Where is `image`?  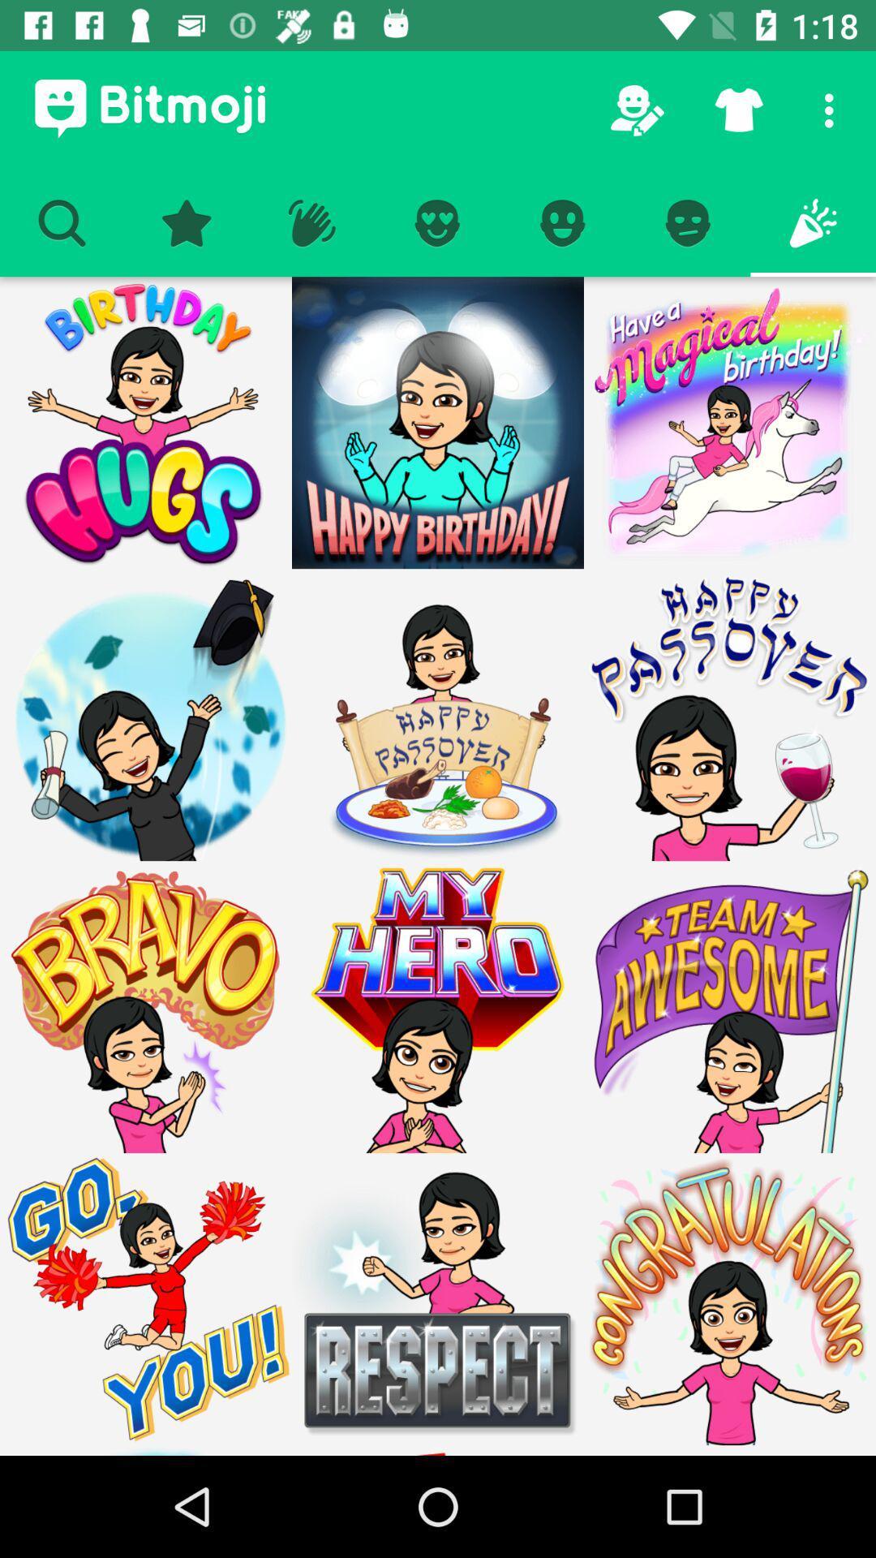
image is located at coordinates (438, 714).